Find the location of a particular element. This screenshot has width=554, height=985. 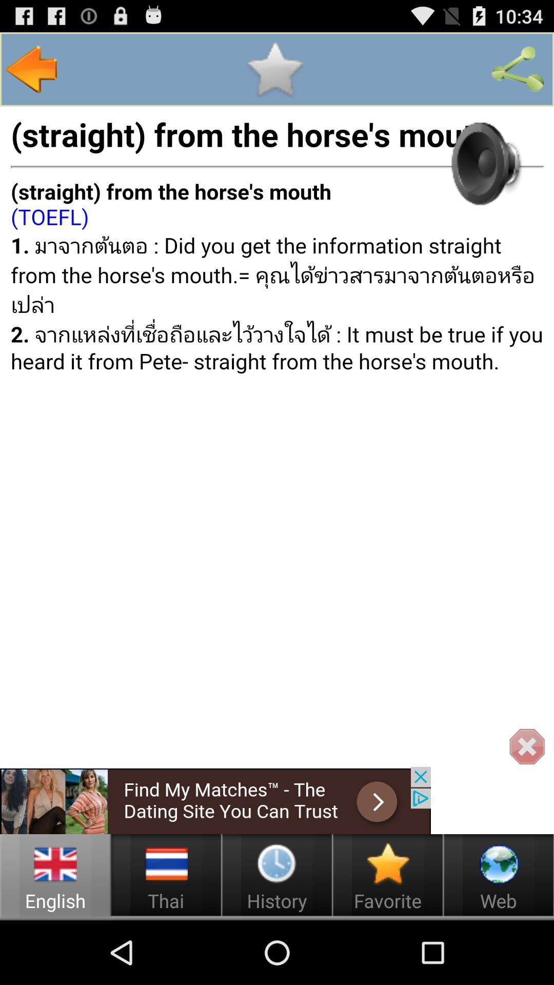

sound on is located at coordinates (484, 162).